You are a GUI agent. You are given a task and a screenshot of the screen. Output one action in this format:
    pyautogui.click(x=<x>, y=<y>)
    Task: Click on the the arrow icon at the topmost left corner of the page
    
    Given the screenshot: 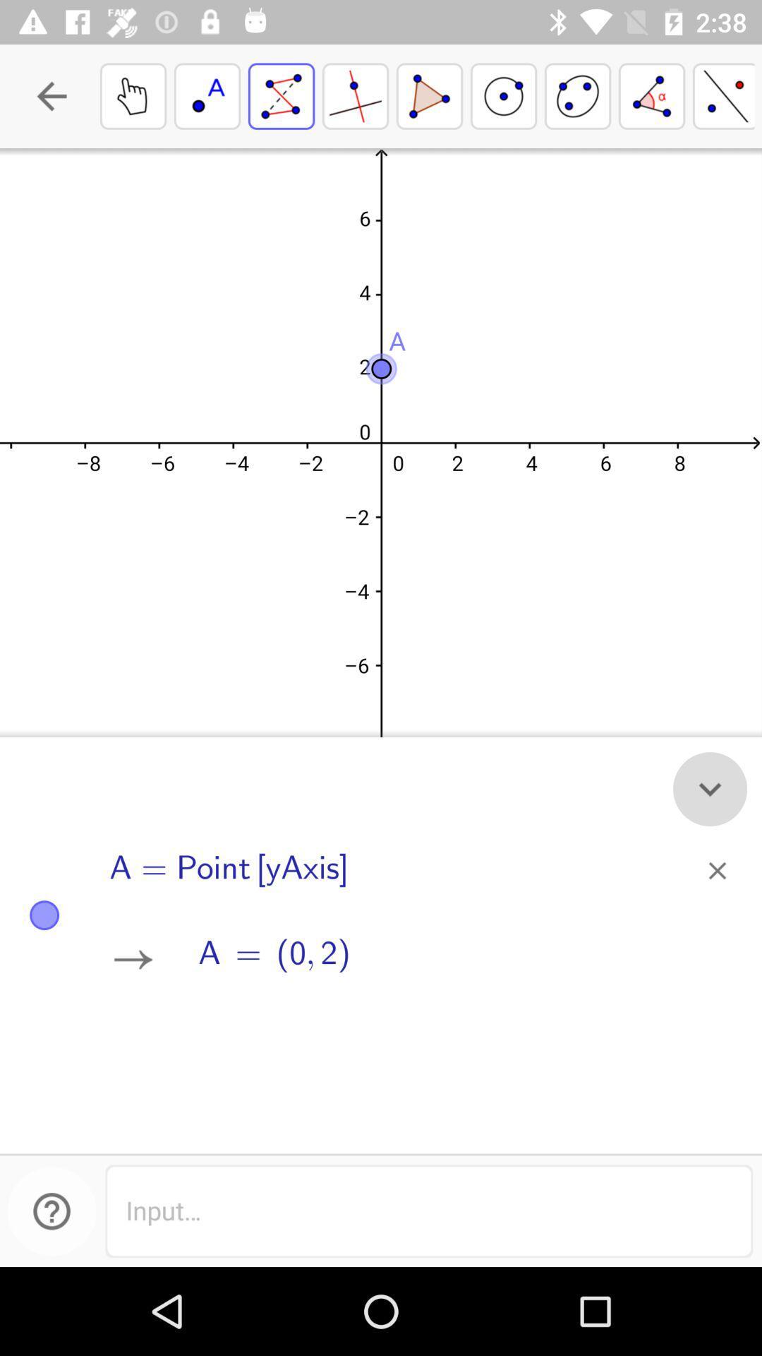 What is the action you would take?
    pyautogui.click(x=51, y=96)
    